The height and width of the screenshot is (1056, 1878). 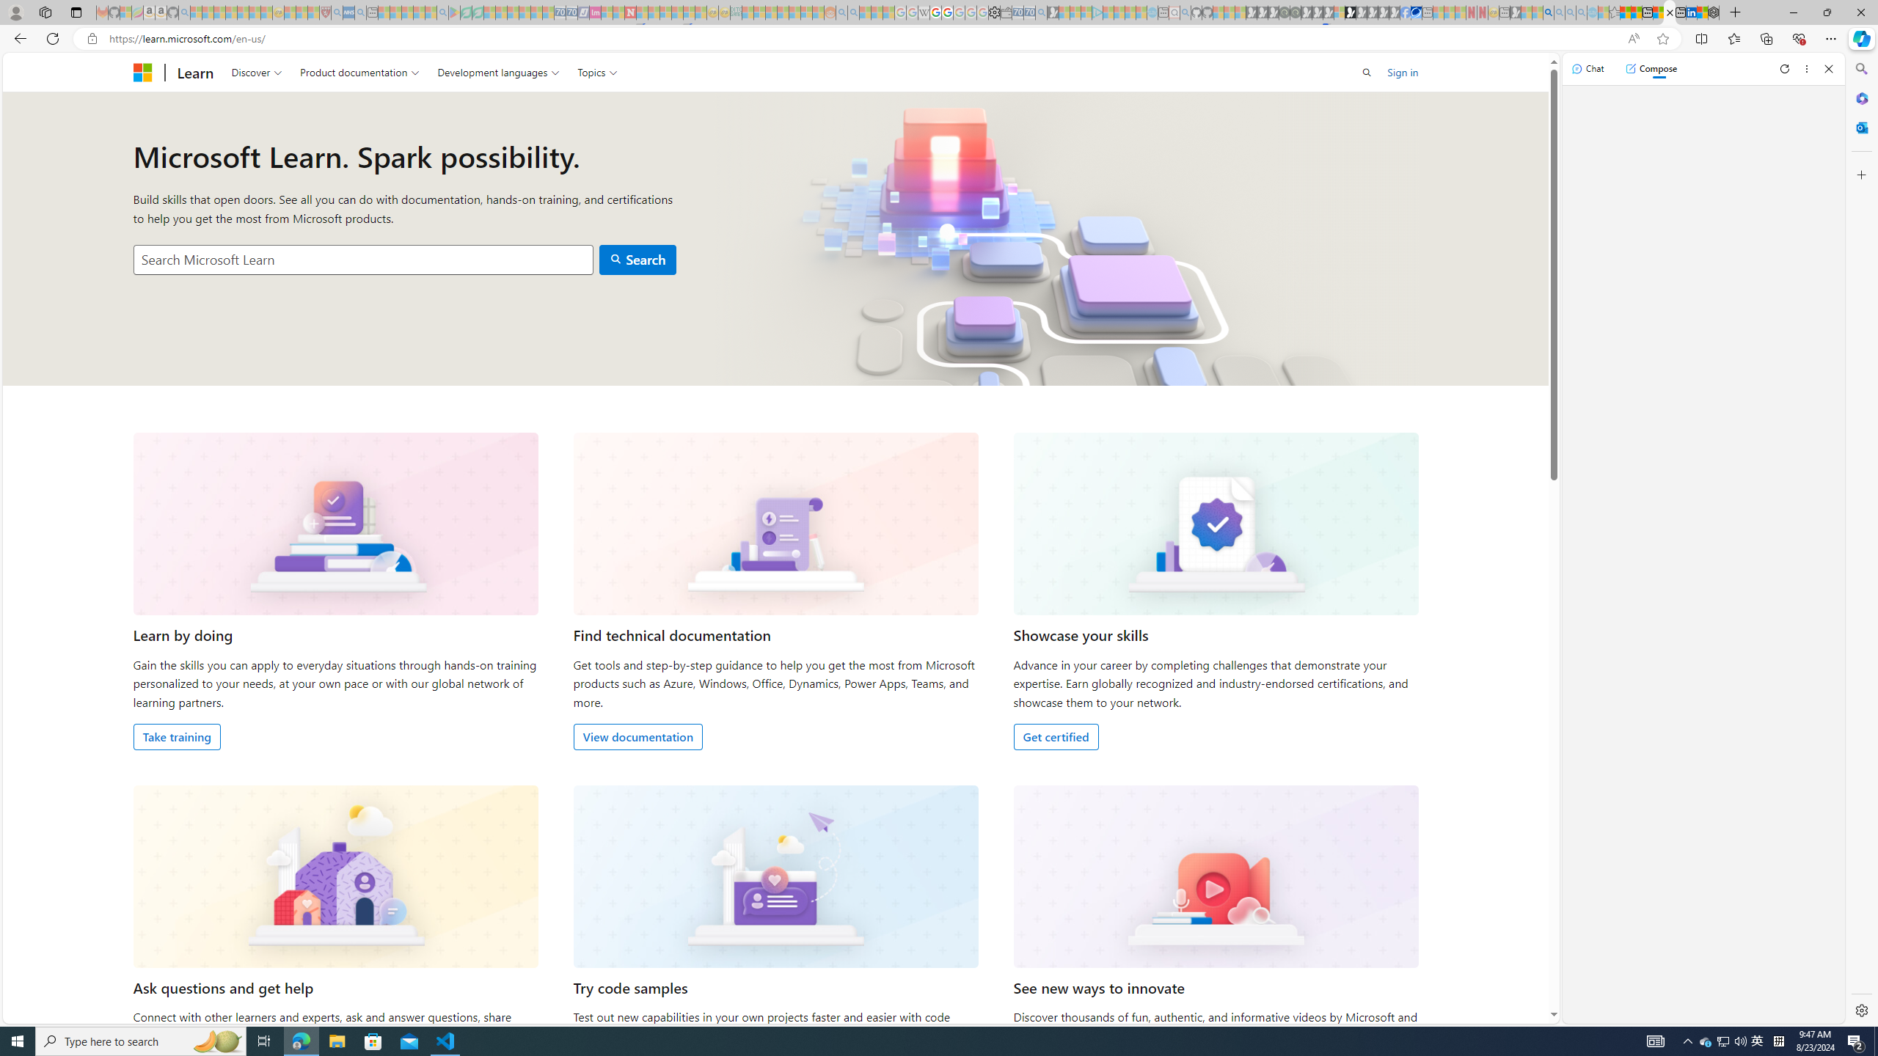 What do you see at coordinates (597, 71) in the screenshot?
I see `'Topics'` at bounding box center [597, 71].